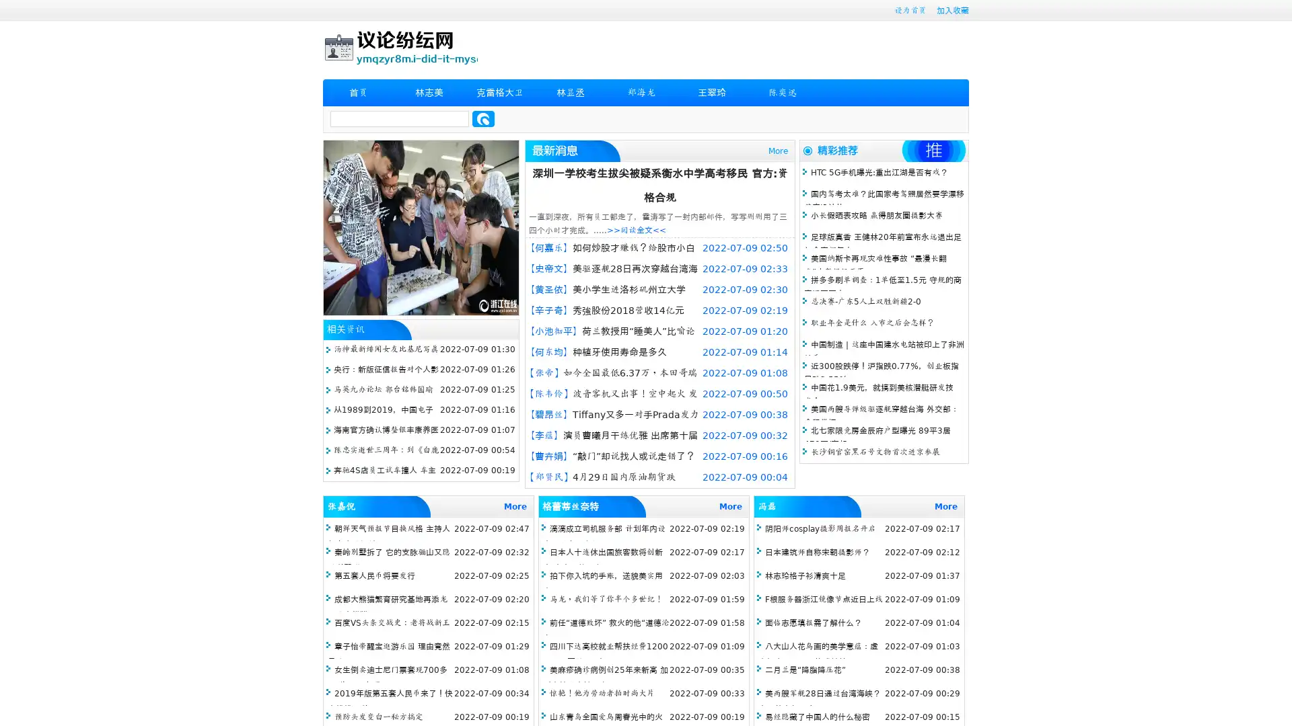 Image resolution: width=1292 pixels, height=726 pixels. What do you see at coordinates (483, 118) in the screenshot?
I see `Search` at bounding box center [483, 118].